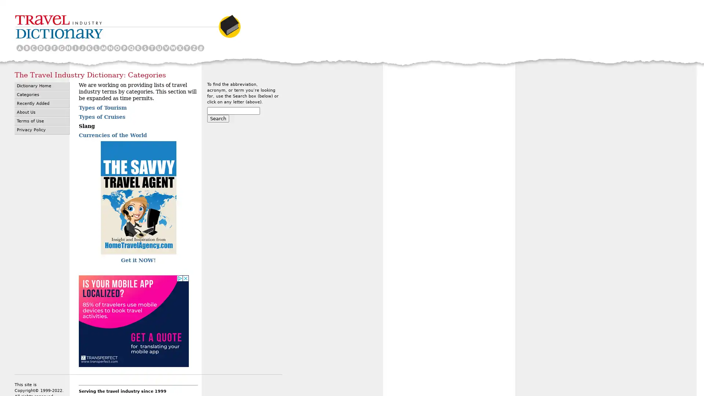 This screenshot has height=396, width=704. I want to click on Search, so click(218, 118).